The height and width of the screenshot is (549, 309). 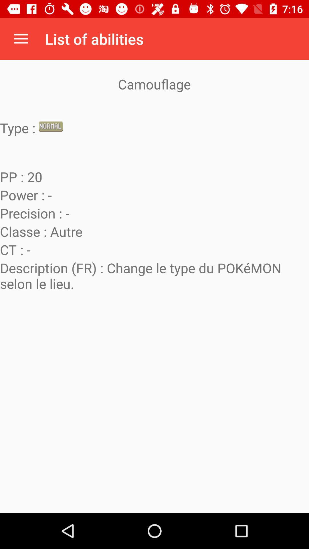 What do you see at coordinates (21, 39) in the screenshot?
I see `the app to the left of list of abilities` at bounding box center [21, 39].